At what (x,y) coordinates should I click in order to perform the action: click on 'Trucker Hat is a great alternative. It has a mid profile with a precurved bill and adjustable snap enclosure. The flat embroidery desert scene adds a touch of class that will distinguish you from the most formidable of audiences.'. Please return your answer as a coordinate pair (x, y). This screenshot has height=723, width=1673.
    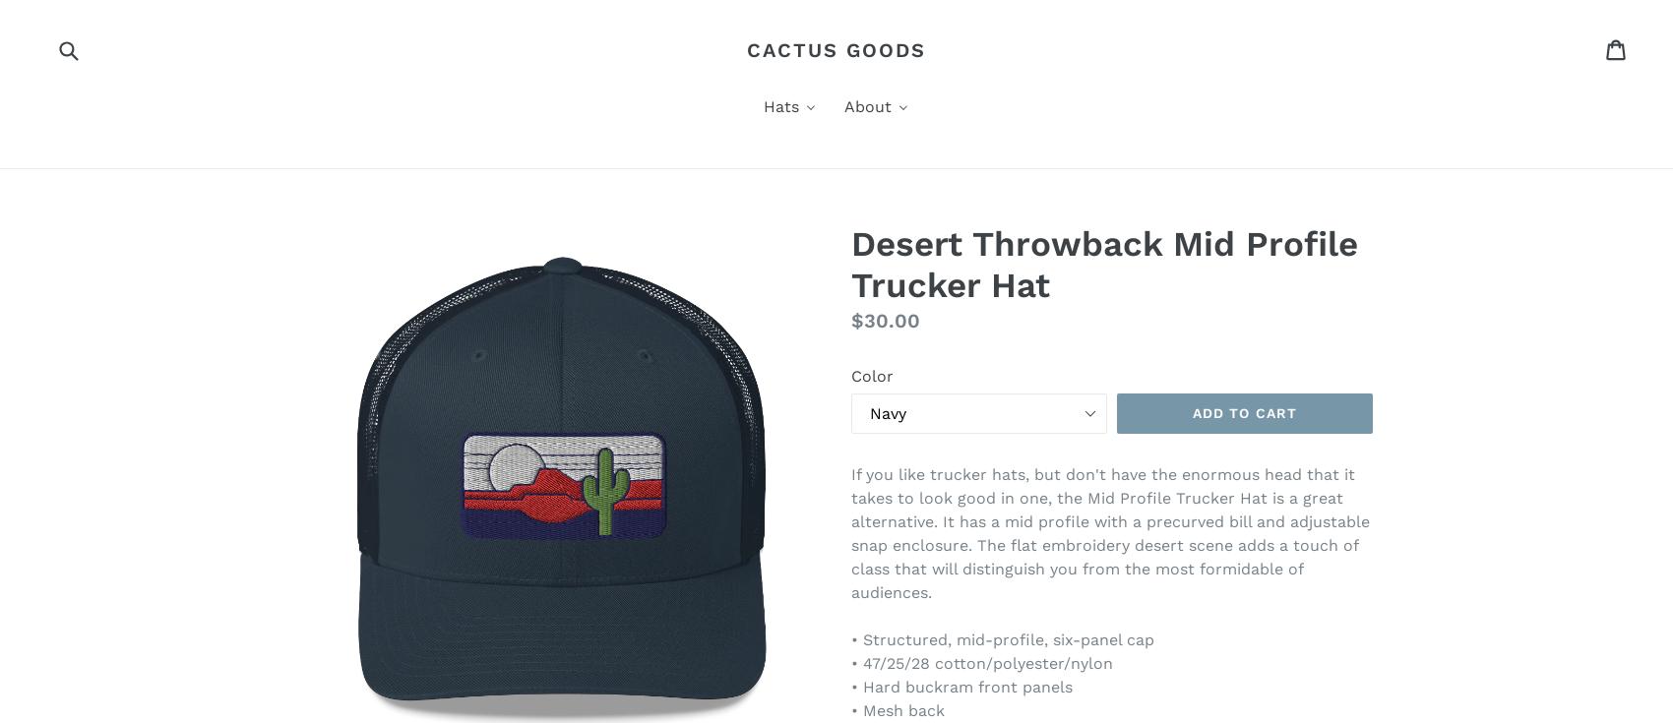
    Looking at the image, I should click on (1110, 544).